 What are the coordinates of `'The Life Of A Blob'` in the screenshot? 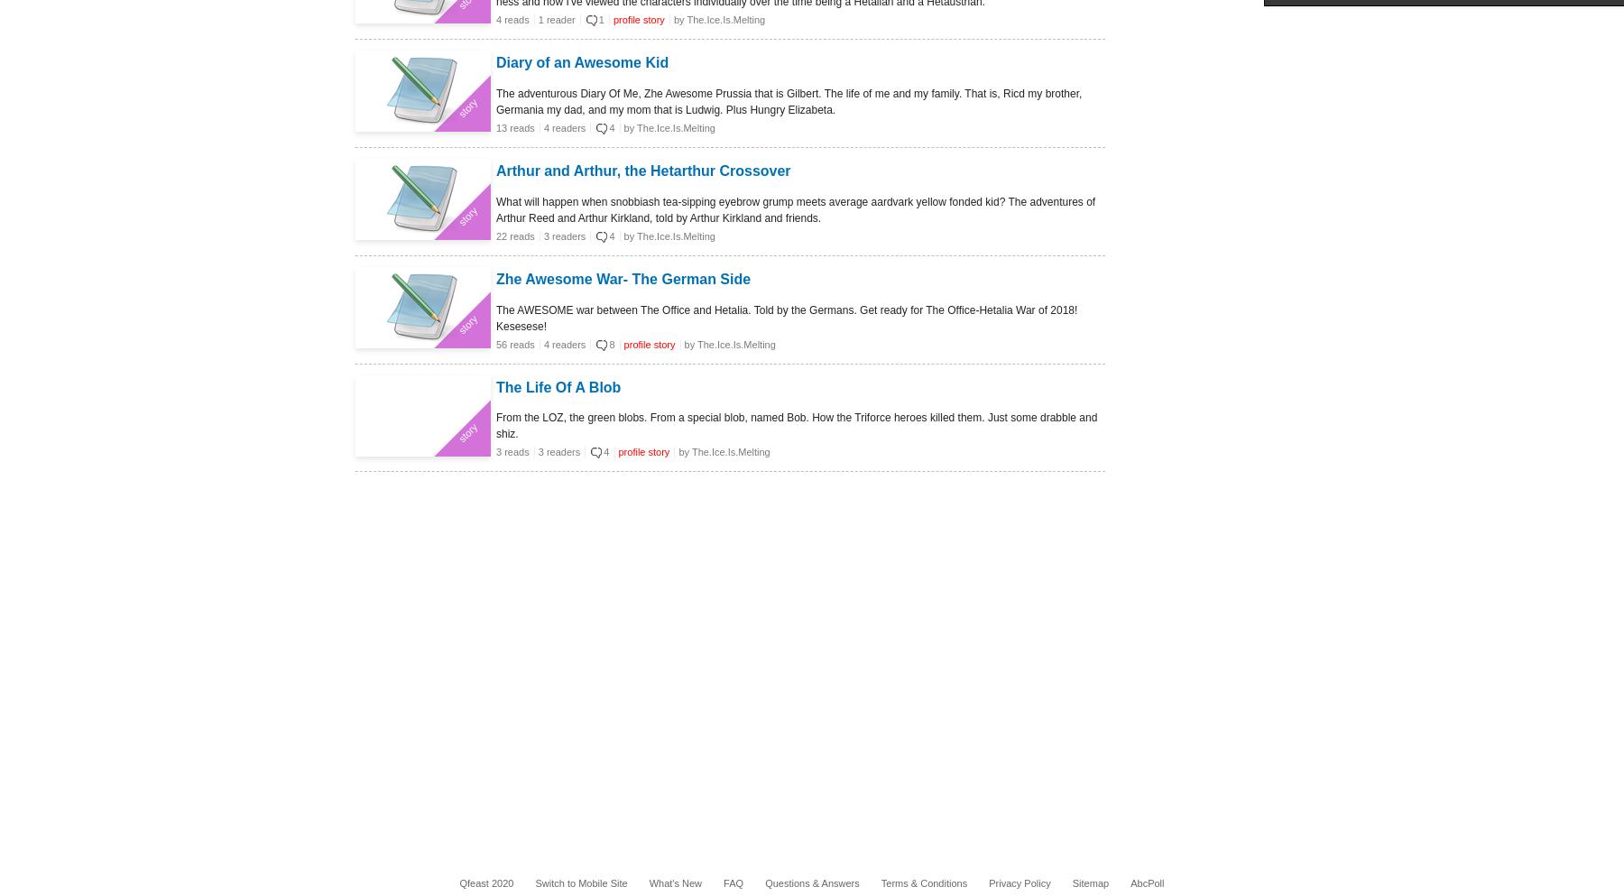 It's located at (558, 386).